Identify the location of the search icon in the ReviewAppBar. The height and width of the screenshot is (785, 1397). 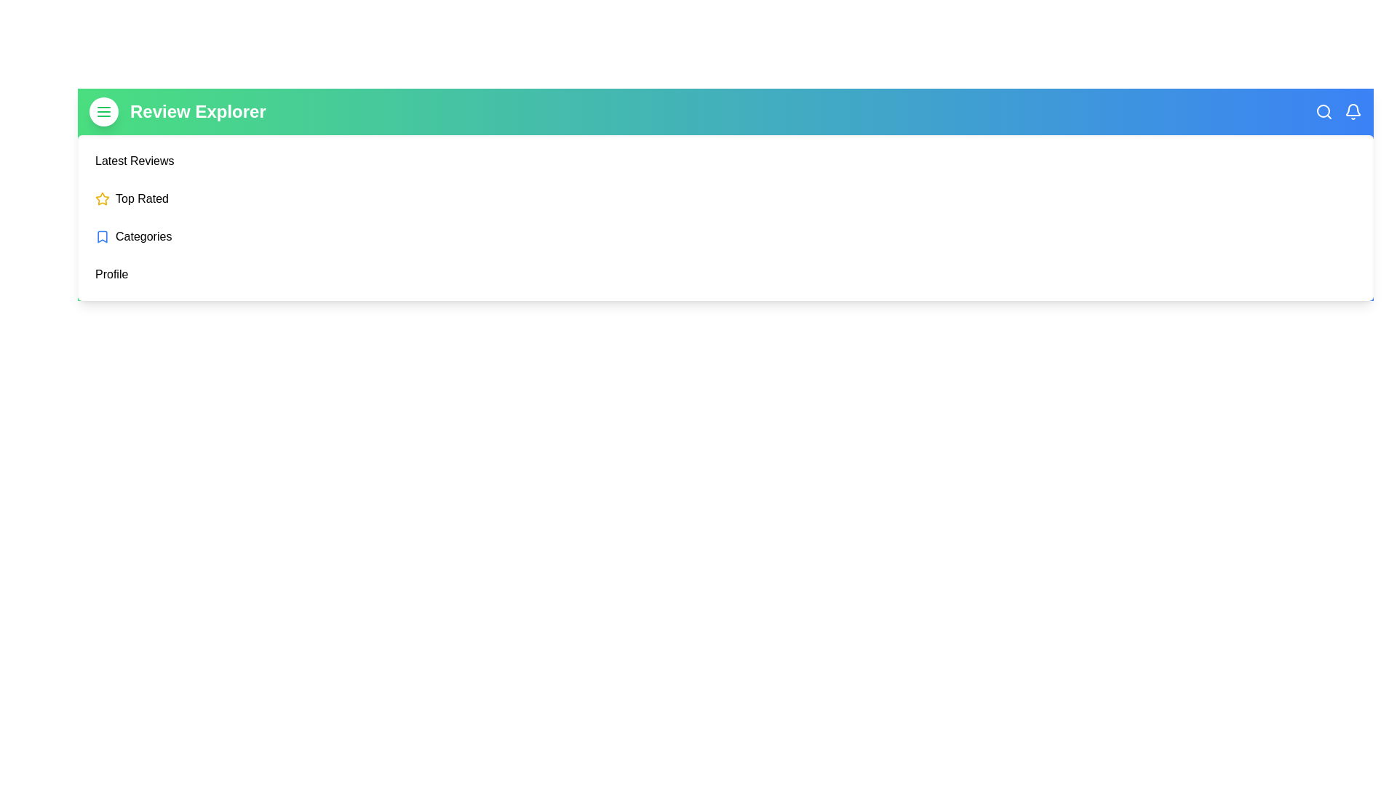
(1324, 111).